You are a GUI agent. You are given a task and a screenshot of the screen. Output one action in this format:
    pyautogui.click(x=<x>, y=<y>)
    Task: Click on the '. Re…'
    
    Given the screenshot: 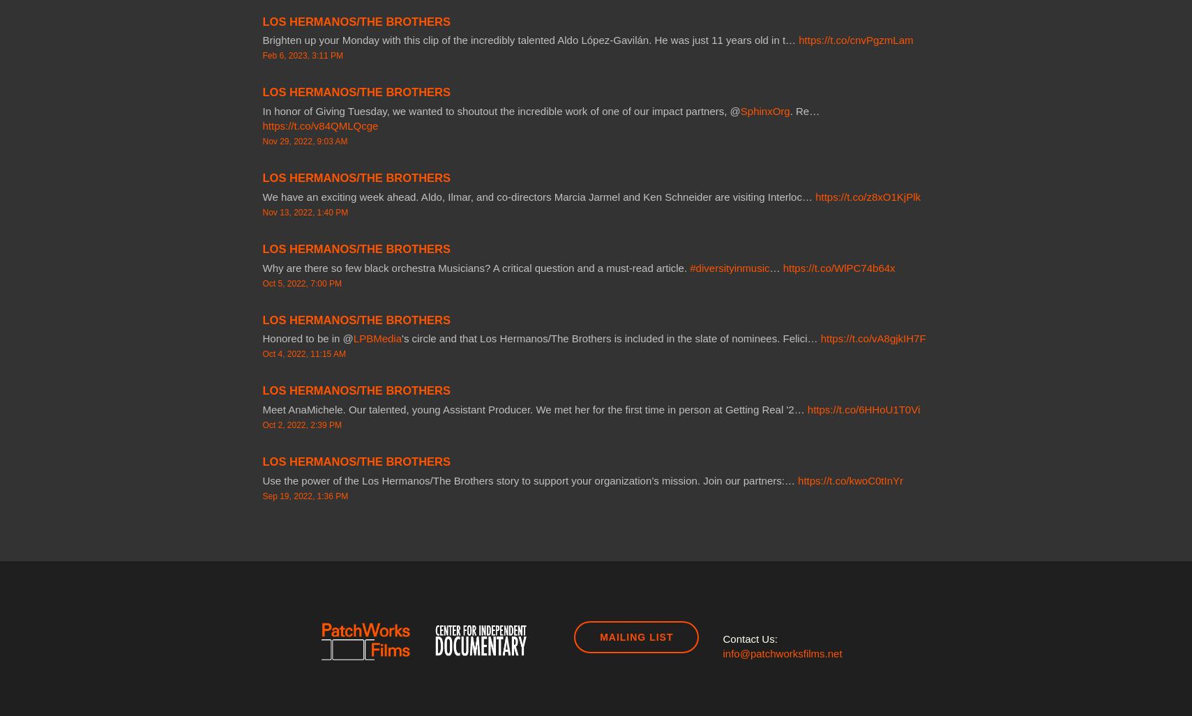 What is the action you would take?
    pyautogui.click(x=804, y=111)
    